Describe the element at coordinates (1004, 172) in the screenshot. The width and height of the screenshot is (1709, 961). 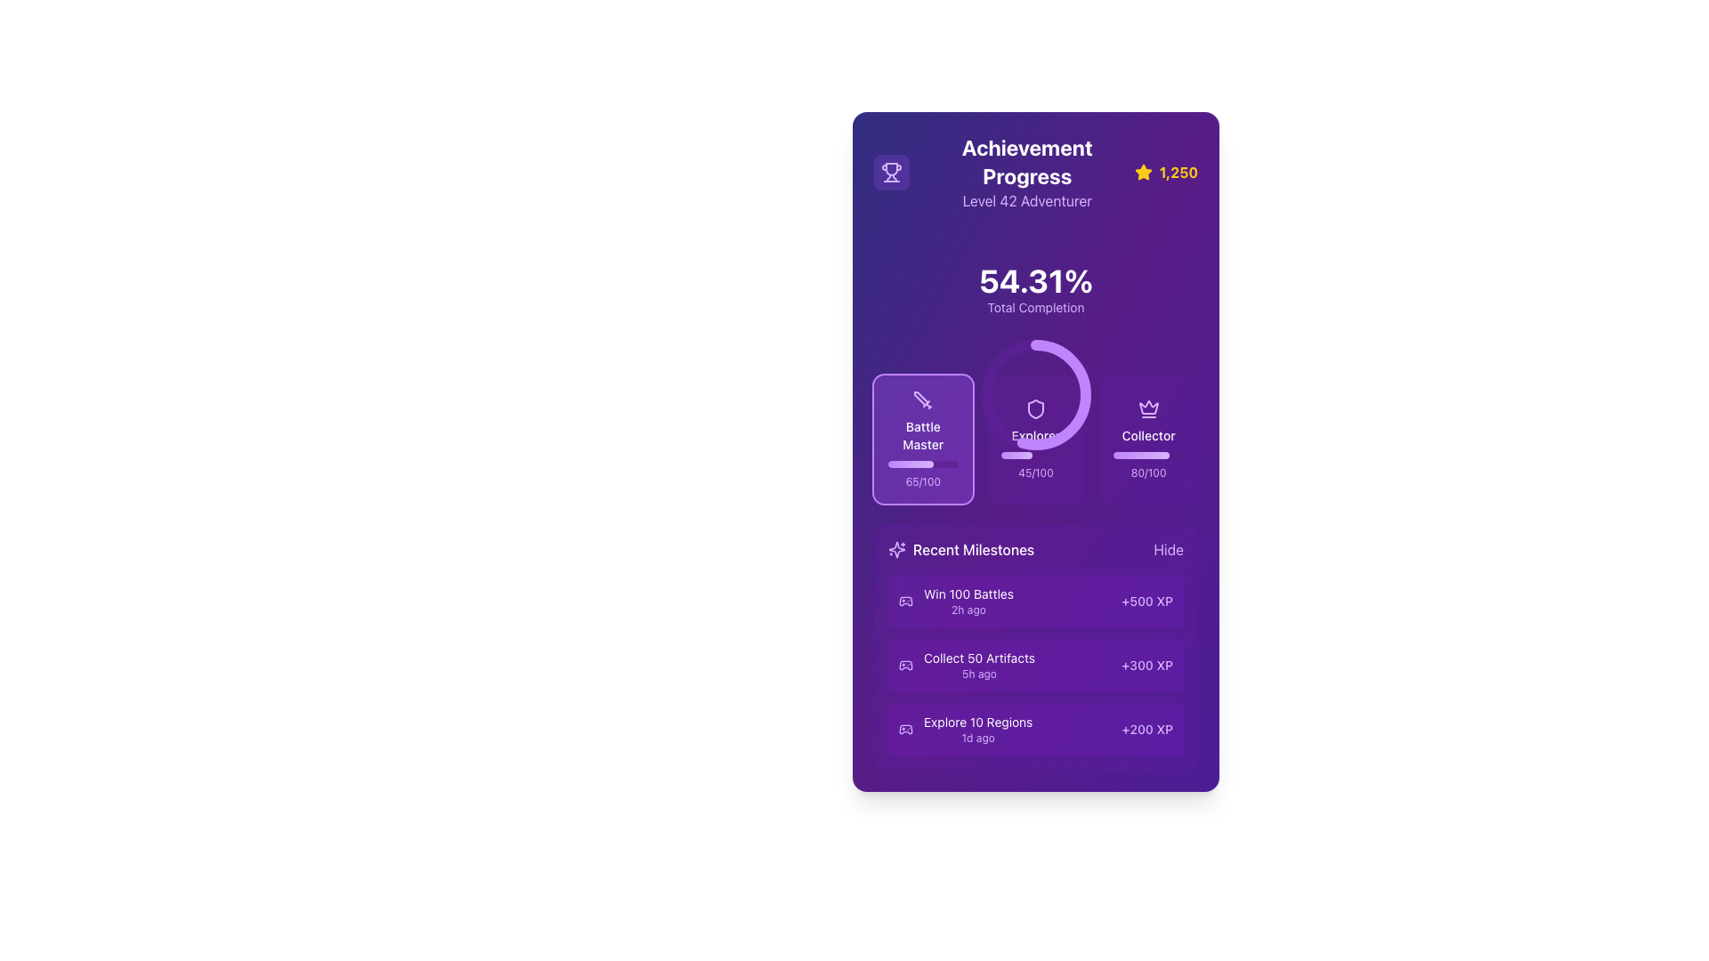
I see `the title section text block that provides information about the user's achievement progress and current level` at that location.